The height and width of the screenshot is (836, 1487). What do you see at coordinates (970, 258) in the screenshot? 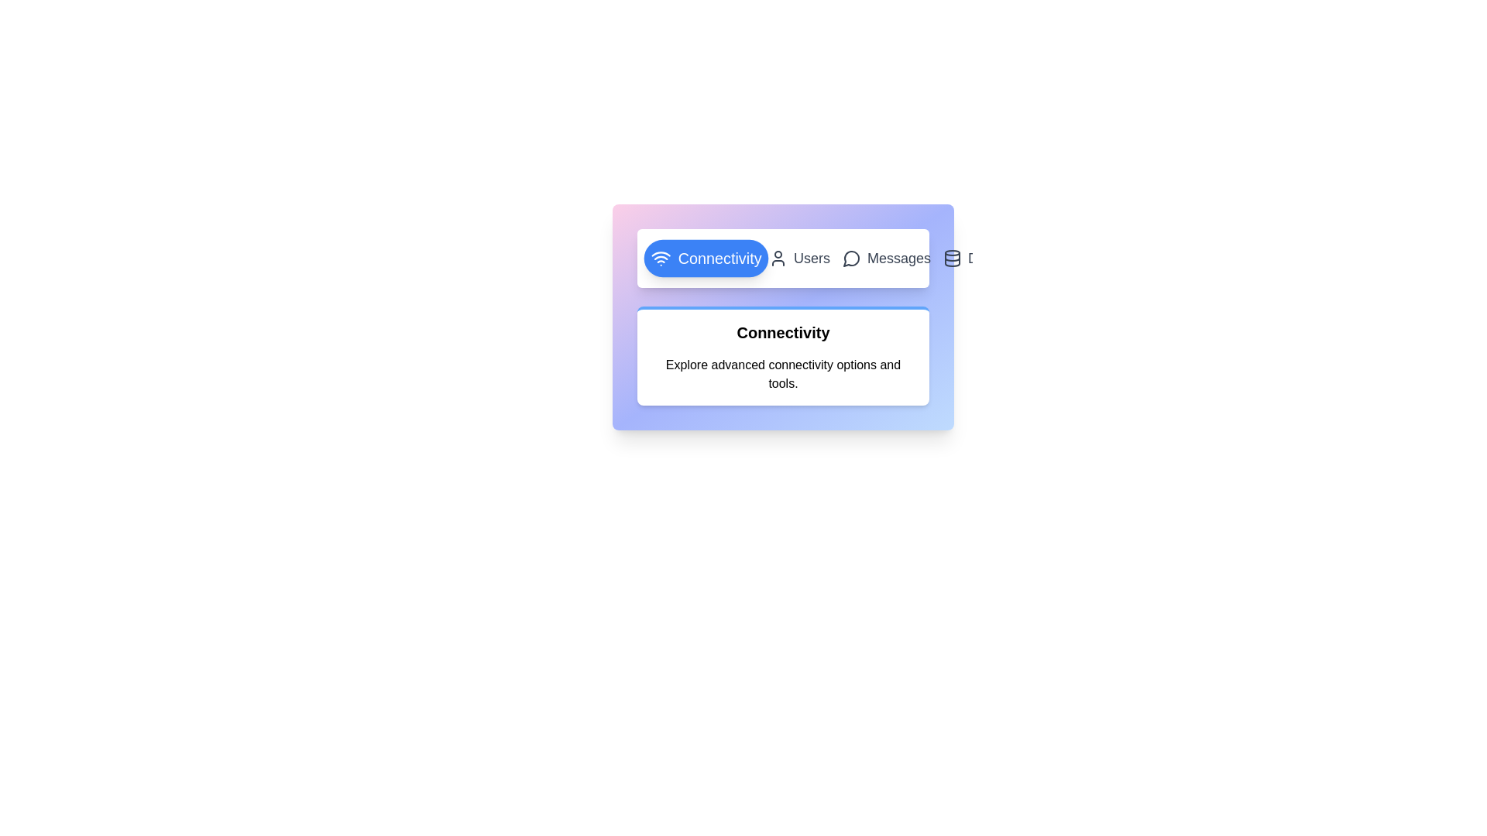
I see `the tab labeled 'Data' to view its content` at bounding box center [970, 258].